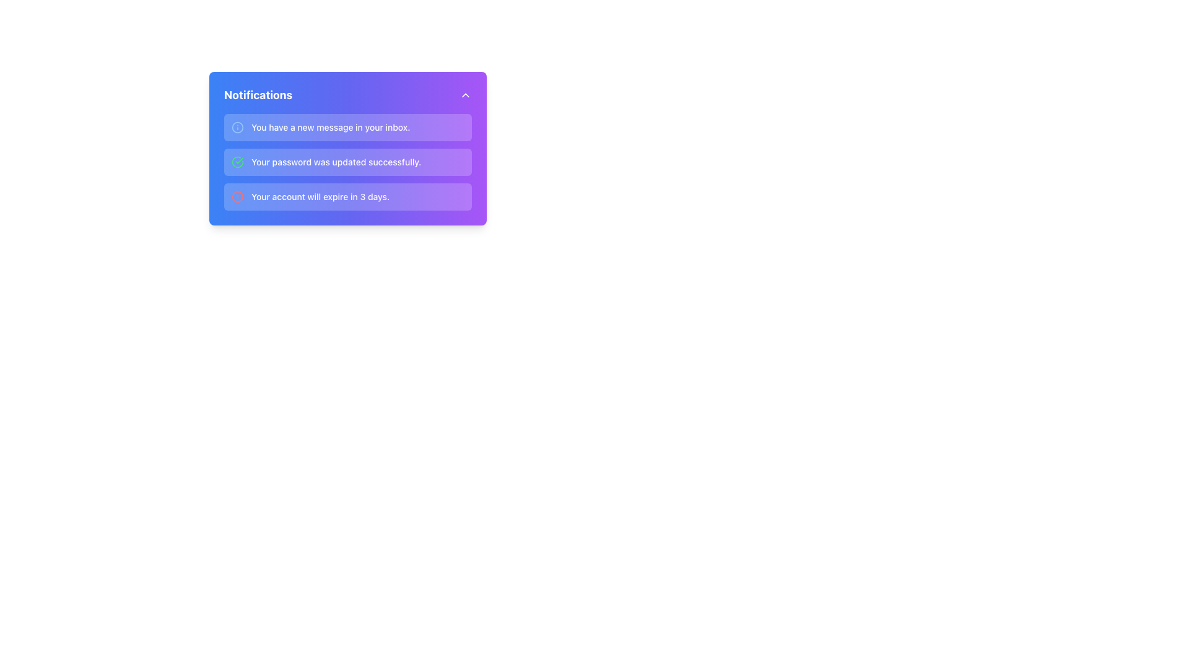 This screenshot has height=669, width=1189. What do you see at coordinates (347, 127) in the screenshot?
I see `the first notification card in the vertical list to acknowledge the new message notification` at bounding box center [347, 127].